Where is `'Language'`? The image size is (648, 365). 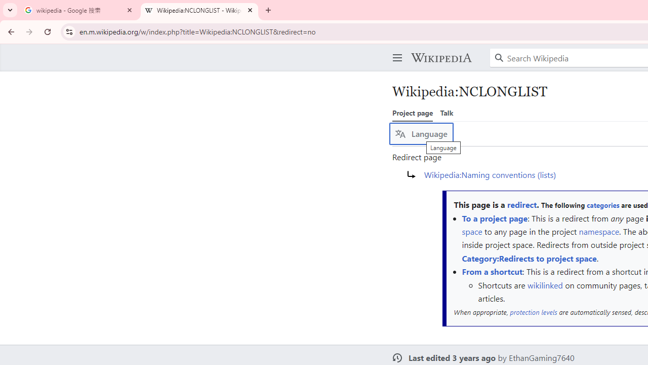
'Language' is located at coordinates (421, 133).